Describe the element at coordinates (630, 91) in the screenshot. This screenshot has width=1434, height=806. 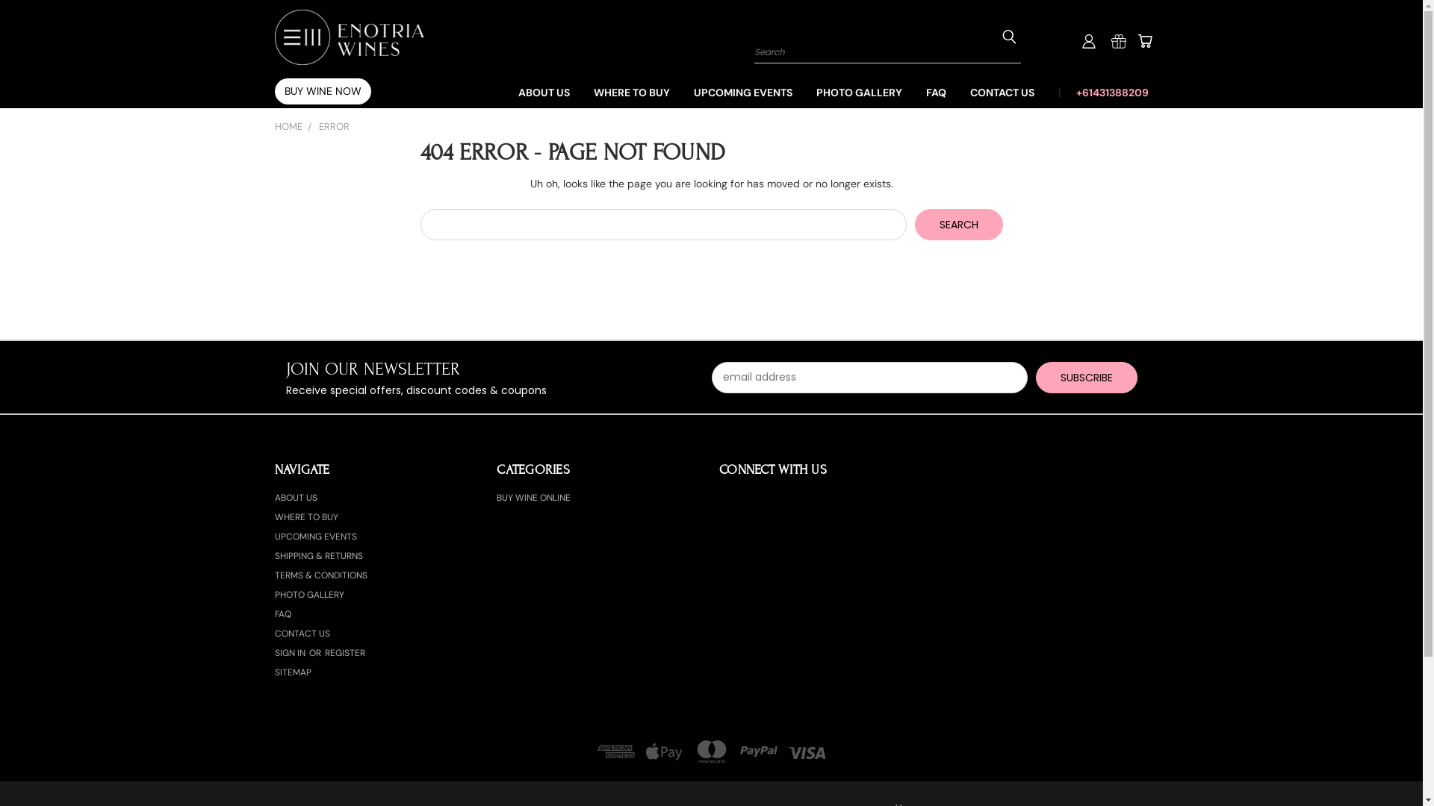
I see `'WHERE TO BUY'` at that location.